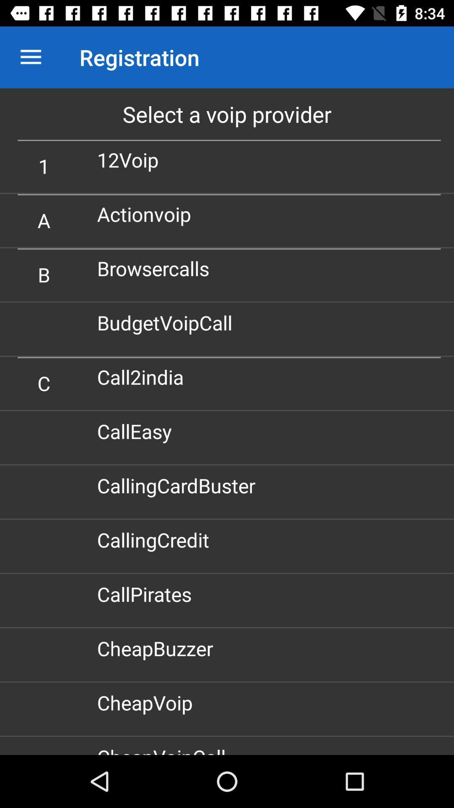 The height and width of the screenshot is (808, 454). Describe the element at coordinates (143, 376) in the screenshot. I see `call2india icon` at that location.